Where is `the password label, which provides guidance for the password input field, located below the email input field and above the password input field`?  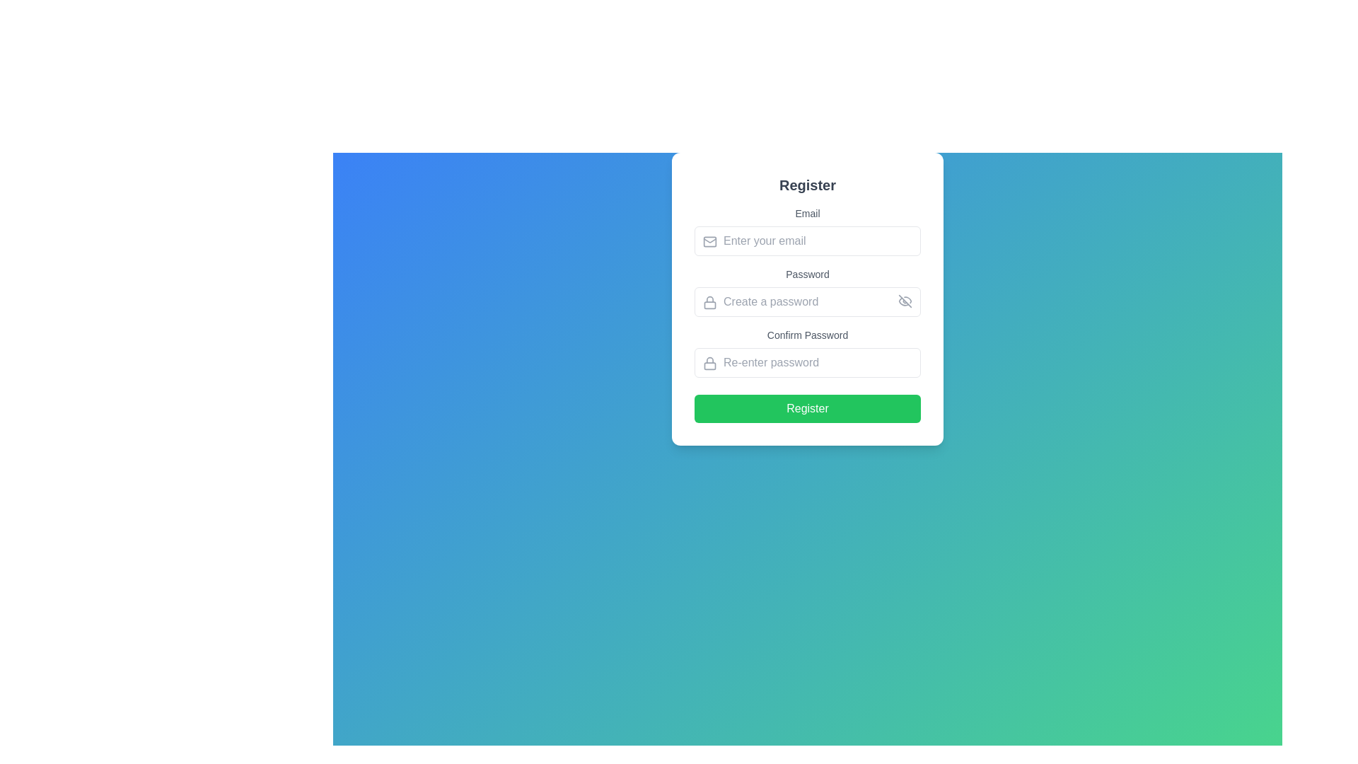 the password label, which provides guidance for the password input field, located below the email input field and above the password input field is located at coordinates (808, 274).